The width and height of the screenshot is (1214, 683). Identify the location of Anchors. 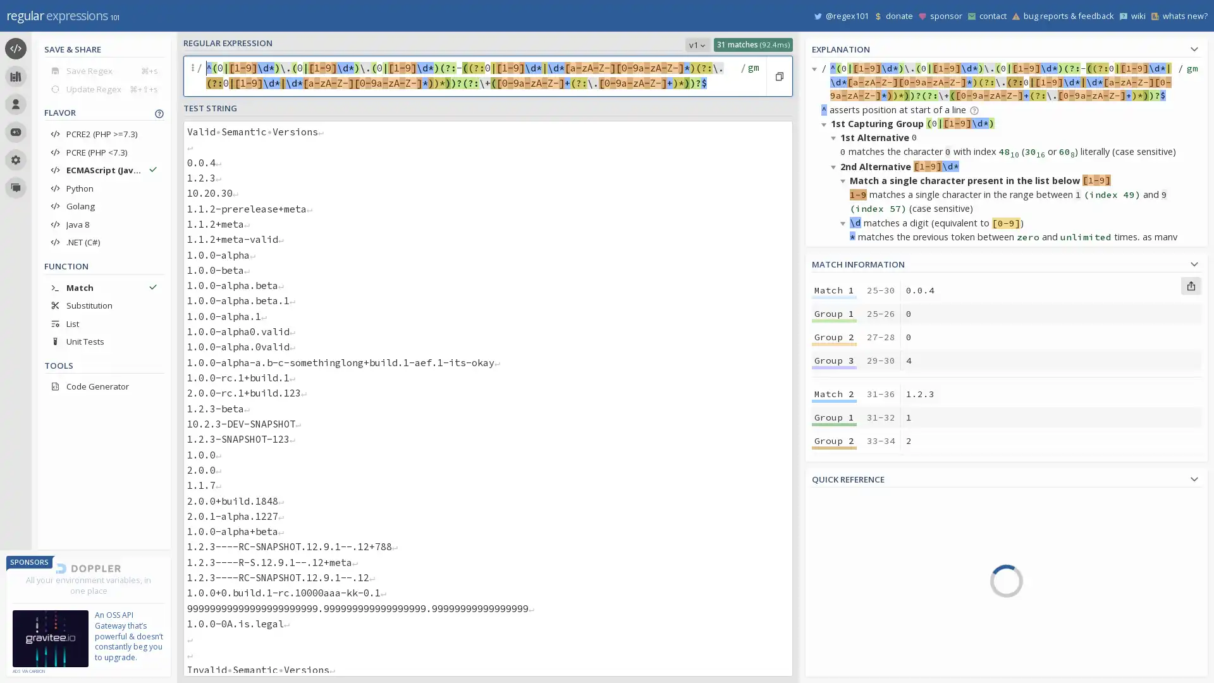
(871, 579).